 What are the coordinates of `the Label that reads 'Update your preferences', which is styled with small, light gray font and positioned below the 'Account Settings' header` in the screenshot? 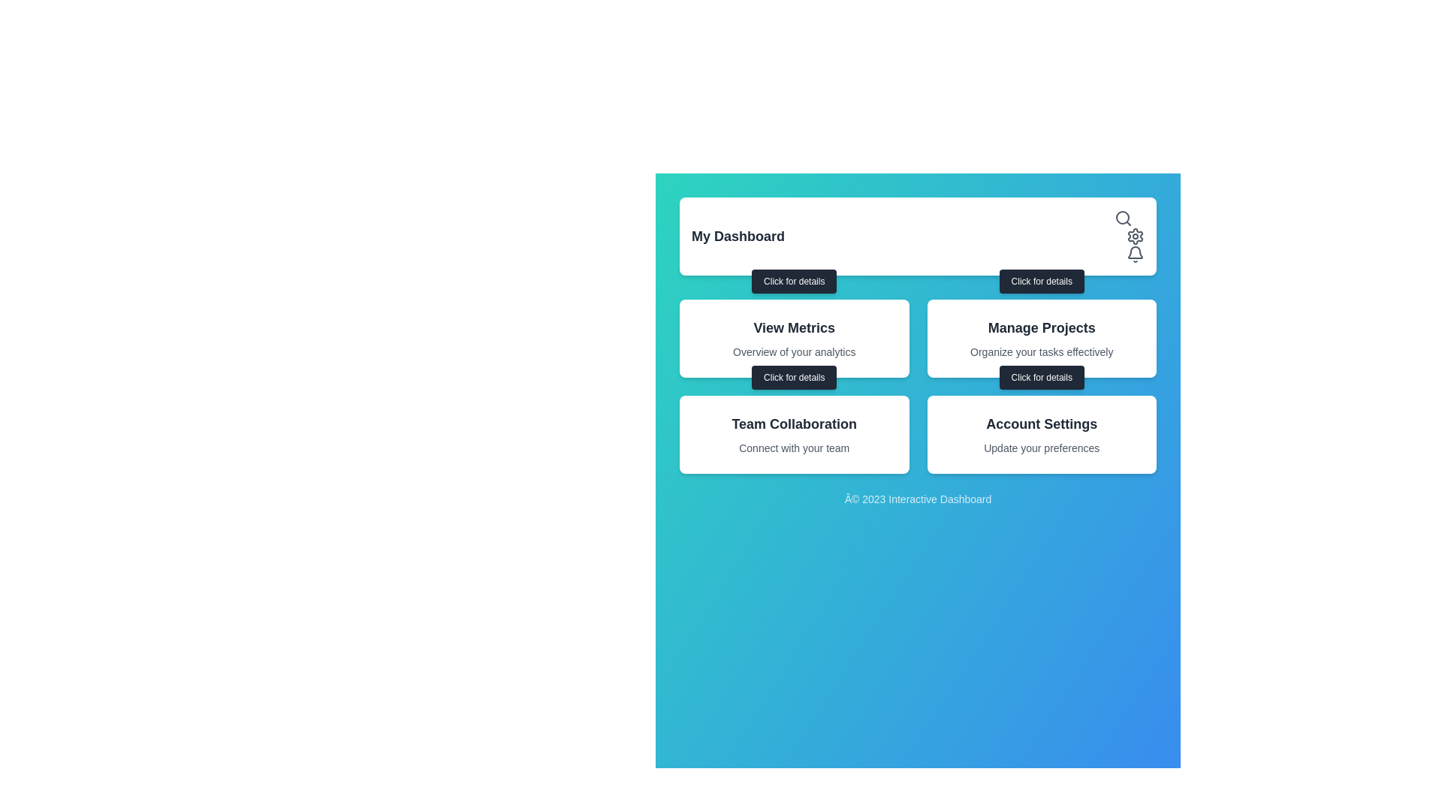 It's located at (1041, 448).